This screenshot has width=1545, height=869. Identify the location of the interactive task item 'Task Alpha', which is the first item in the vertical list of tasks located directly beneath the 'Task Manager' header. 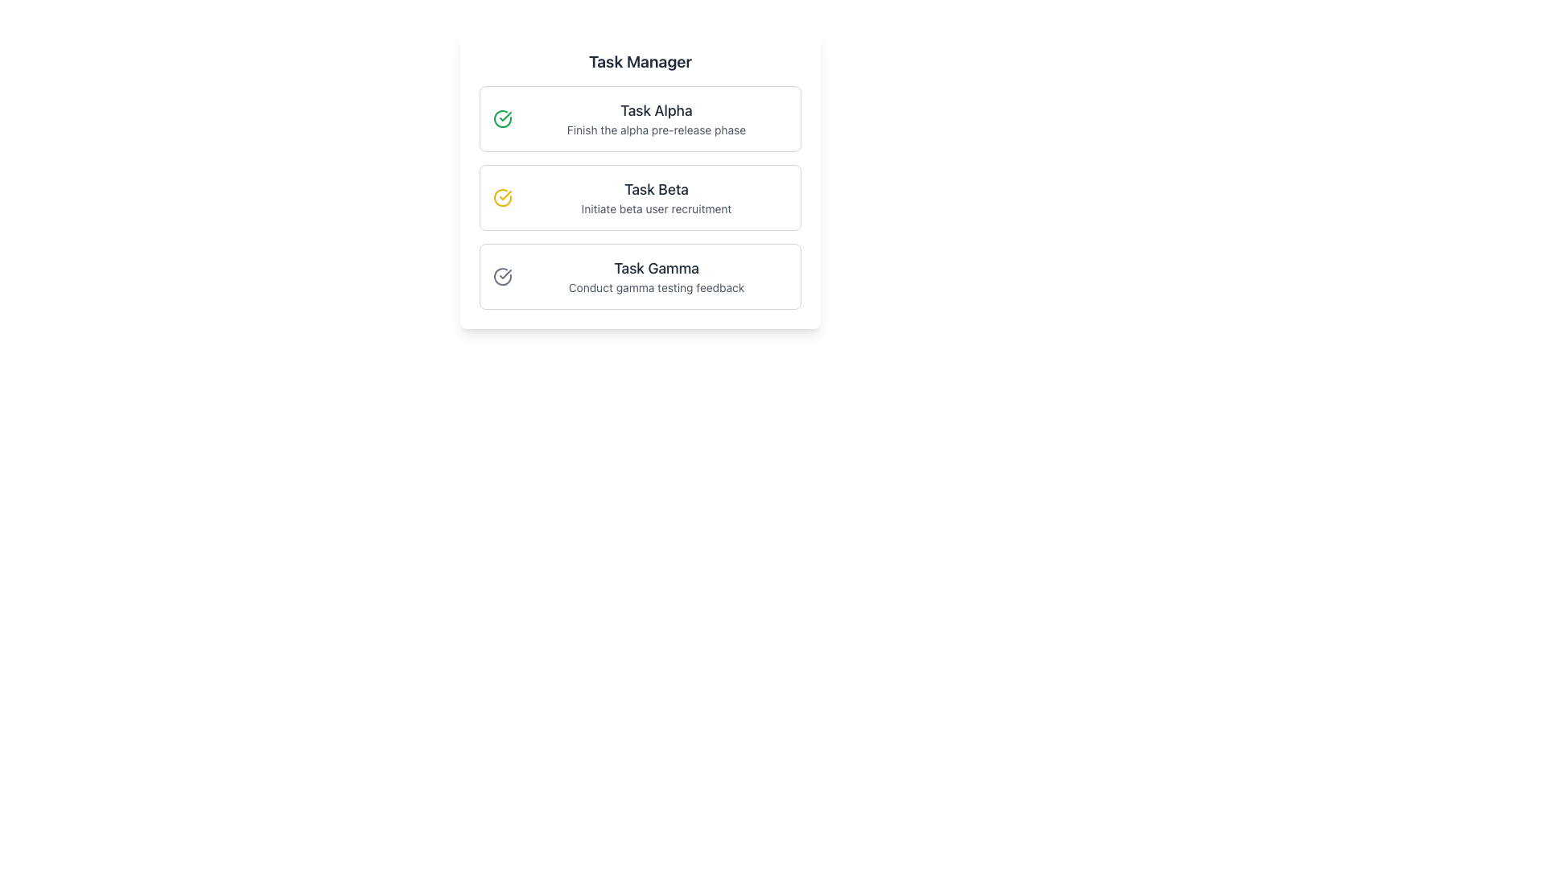
(640, 117).